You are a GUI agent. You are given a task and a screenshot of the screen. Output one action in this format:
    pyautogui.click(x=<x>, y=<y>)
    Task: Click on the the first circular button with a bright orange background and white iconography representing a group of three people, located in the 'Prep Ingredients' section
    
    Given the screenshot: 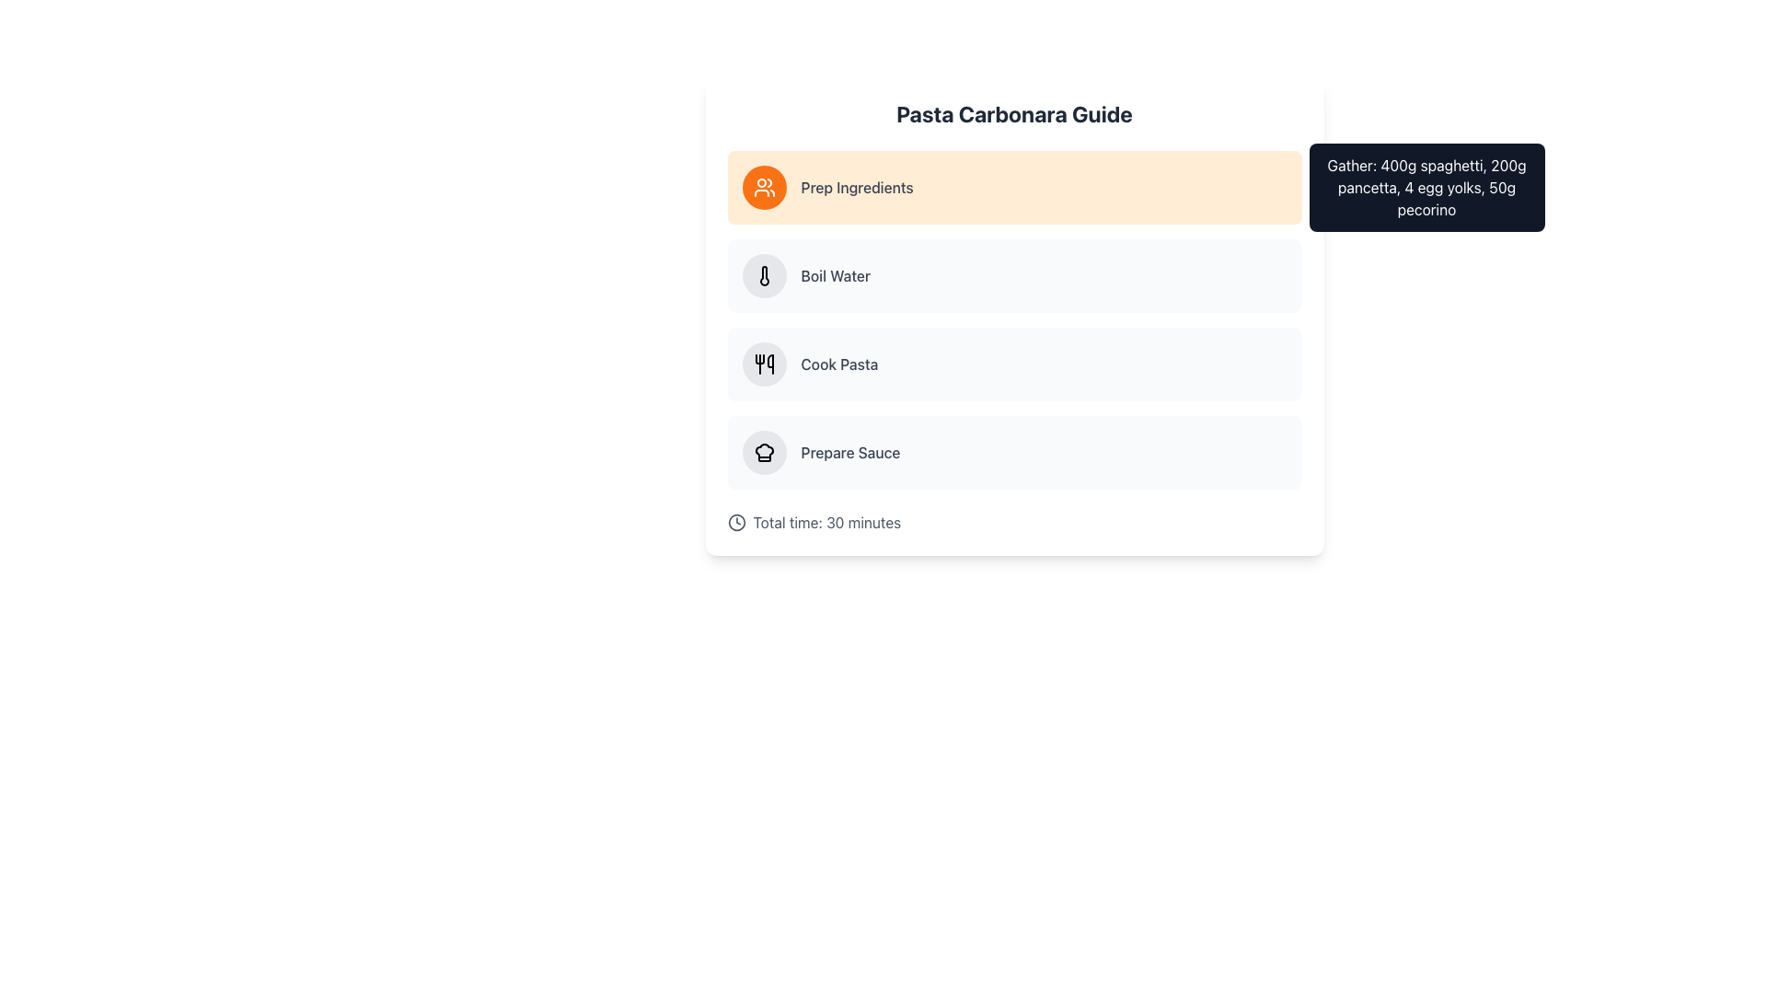 What is the action you would take?
    pyautogui.click(x=764, y=188)
    